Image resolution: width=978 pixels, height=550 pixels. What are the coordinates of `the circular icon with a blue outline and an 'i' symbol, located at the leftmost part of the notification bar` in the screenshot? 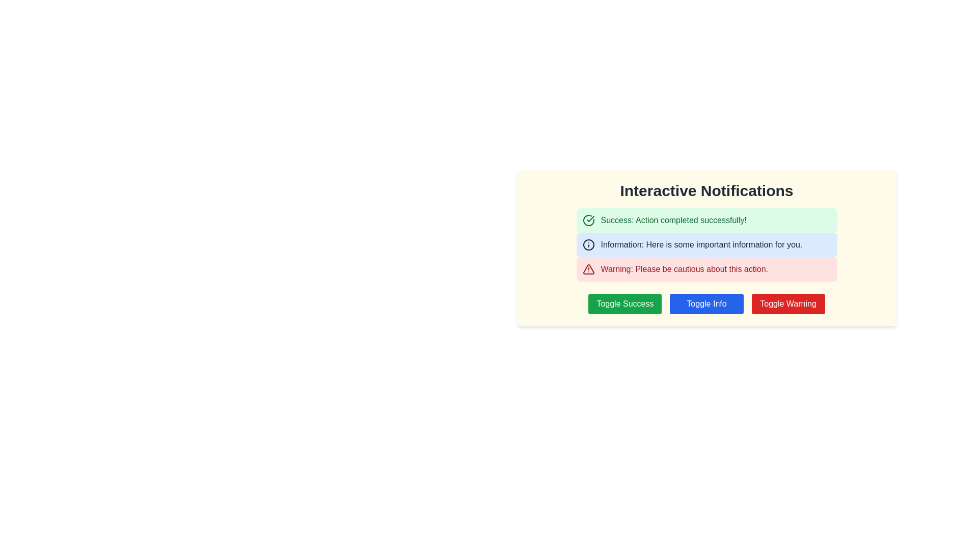 It's located at (588, 245).